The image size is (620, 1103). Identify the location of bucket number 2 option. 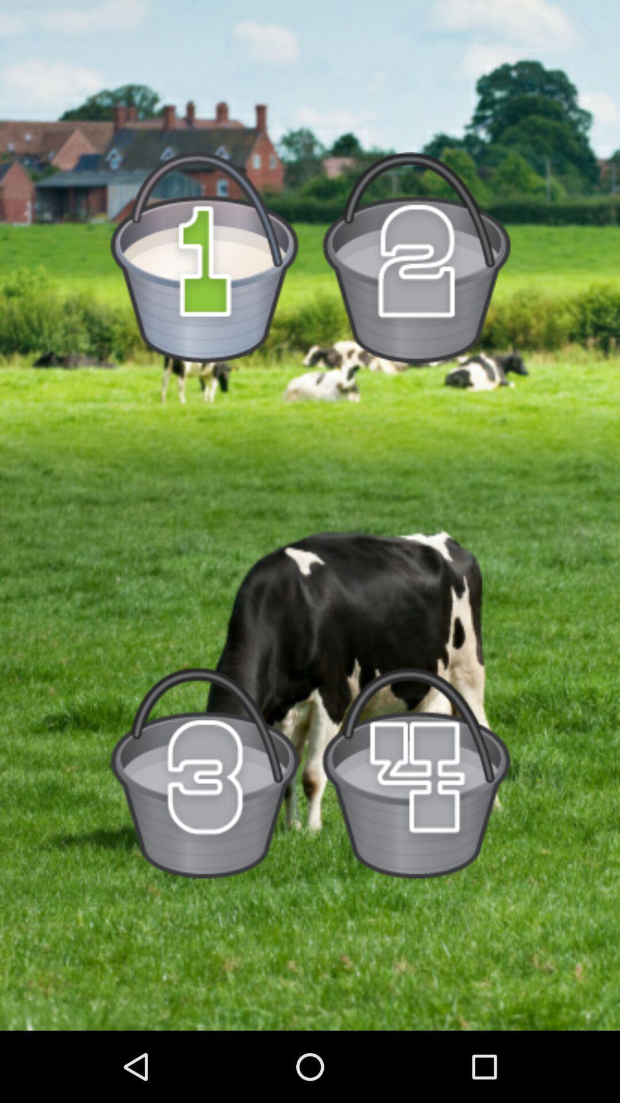
(415, 257).